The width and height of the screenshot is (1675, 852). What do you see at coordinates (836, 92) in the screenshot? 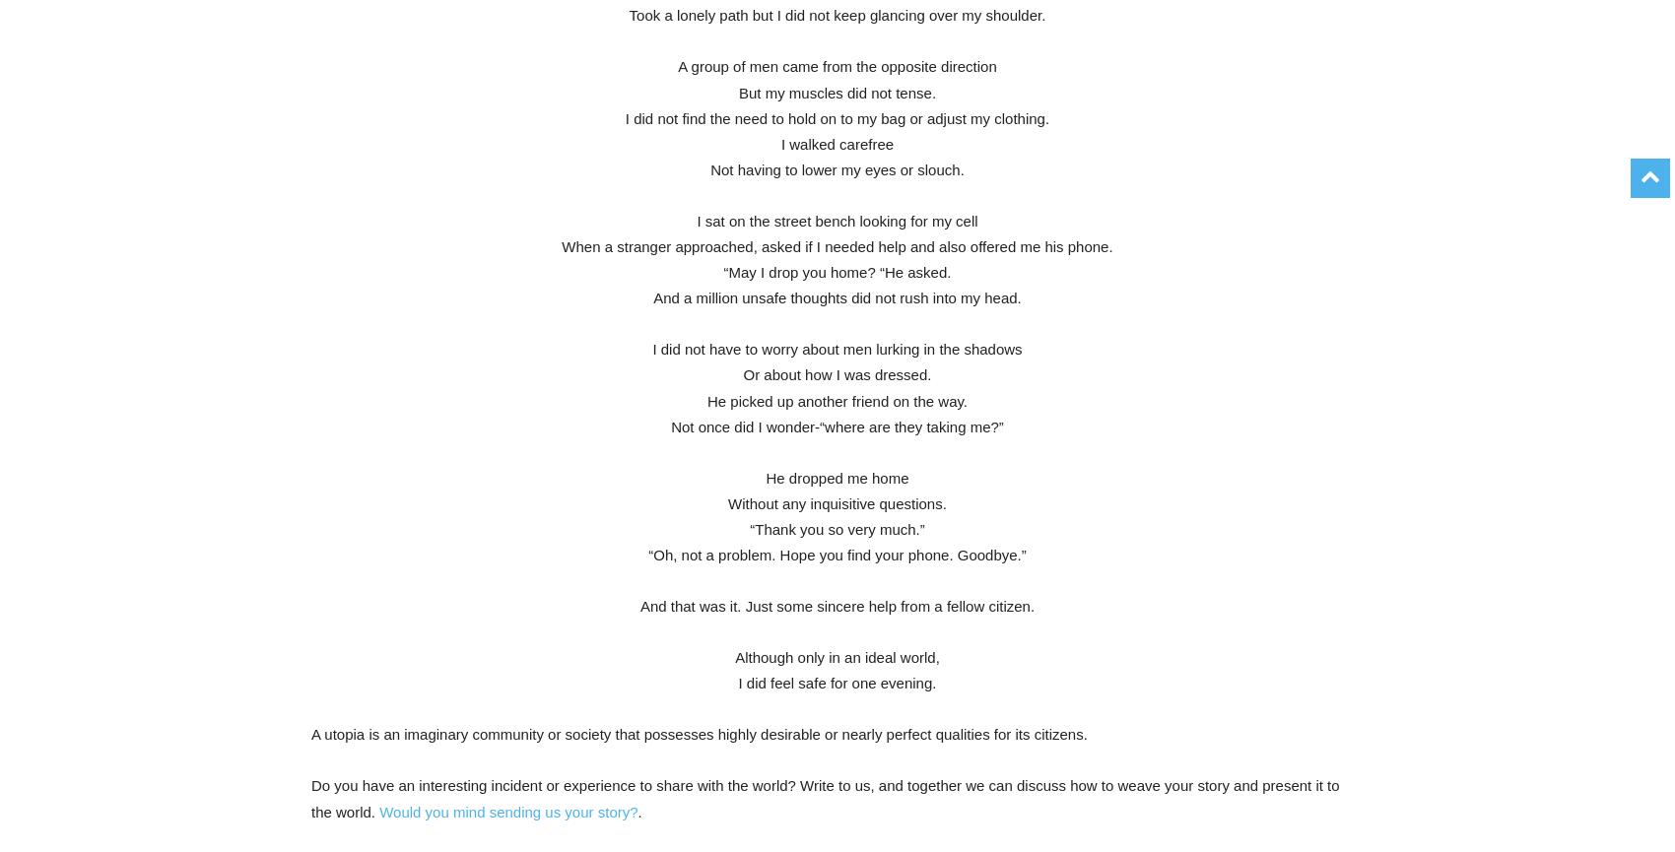
I see `'But my muscles did not tense.'` at bounding box center [836, 92].